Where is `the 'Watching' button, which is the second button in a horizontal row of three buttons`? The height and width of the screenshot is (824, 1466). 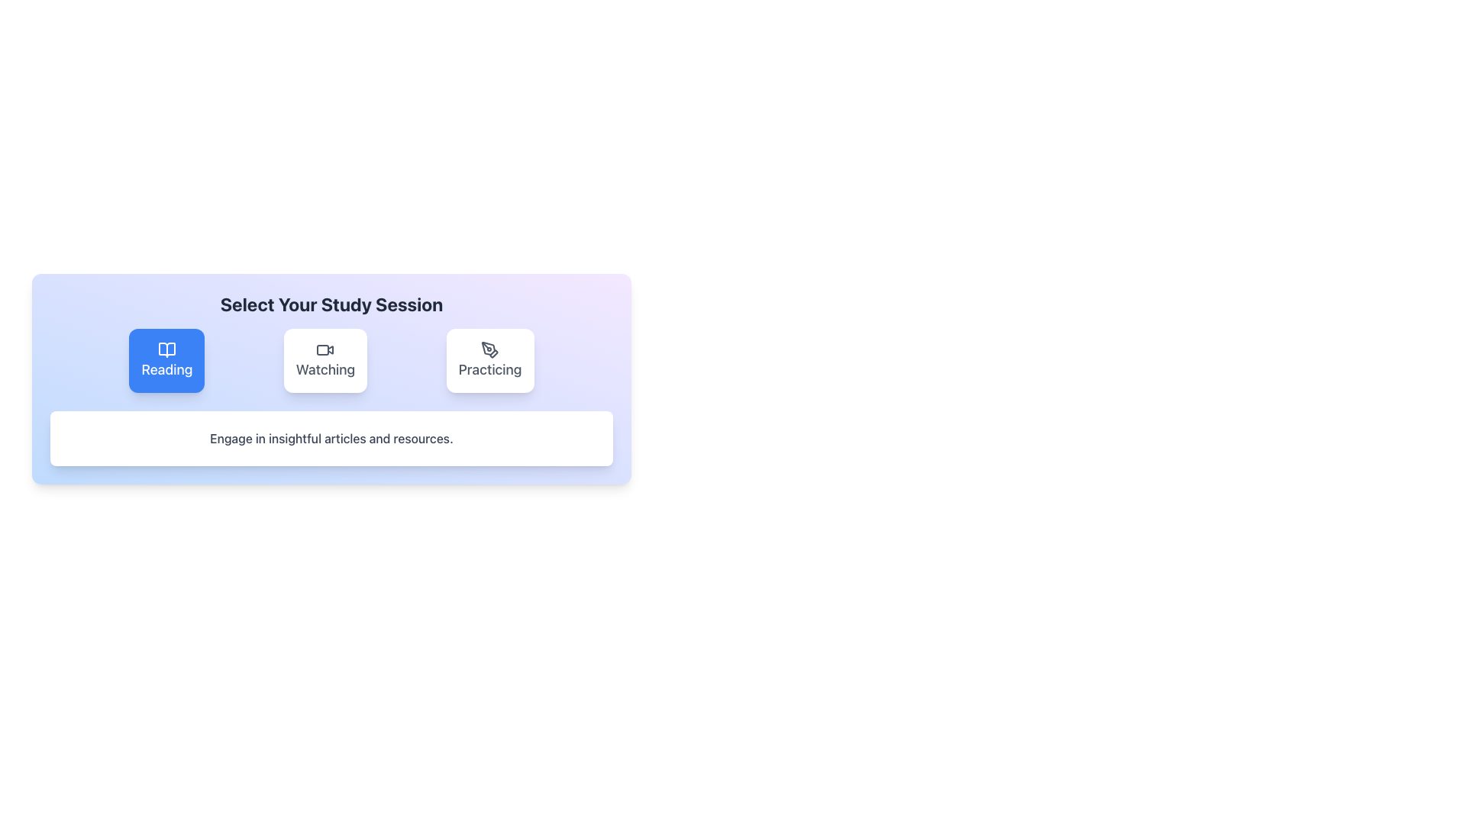
the 'Watching' button, which is the second button in a horizontal row of three buttons is located at coordinates (325, 361).